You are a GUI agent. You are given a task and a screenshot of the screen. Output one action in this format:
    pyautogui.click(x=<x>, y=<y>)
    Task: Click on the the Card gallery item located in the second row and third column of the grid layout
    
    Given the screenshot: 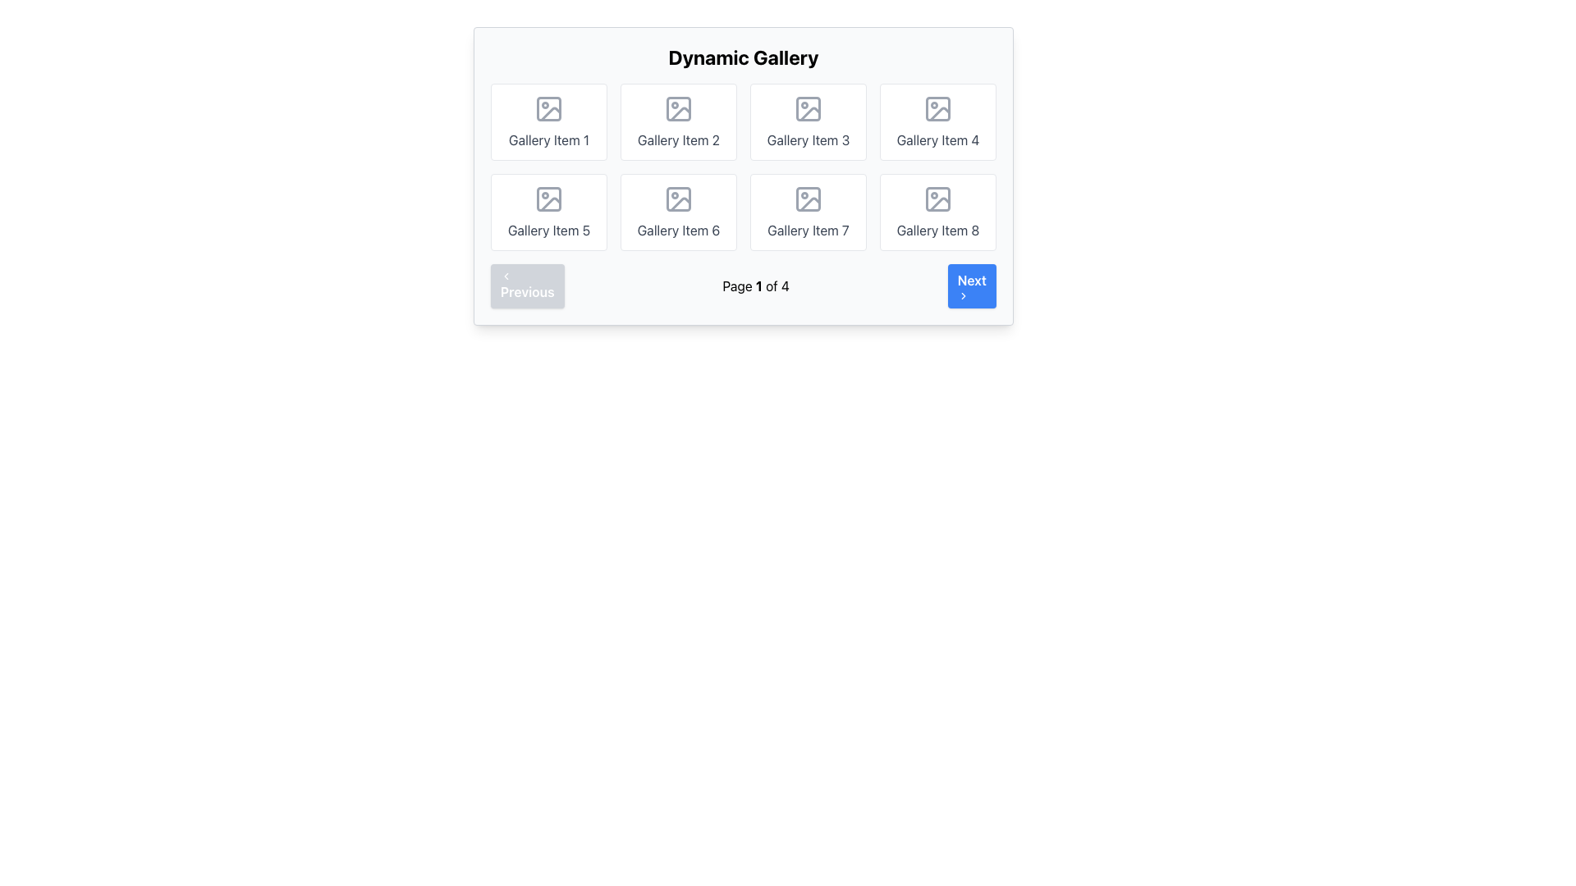 What is the action you would take?
    pyautogui.click(x=808, y=211)
    